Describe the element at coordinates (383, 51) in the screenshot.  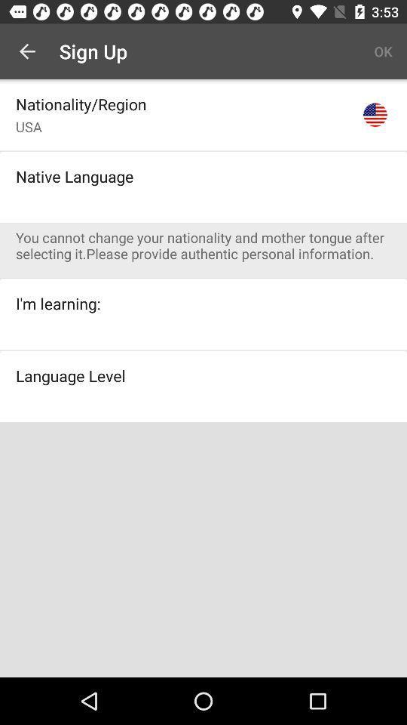
I see `the item to the right of sign up` at that location.